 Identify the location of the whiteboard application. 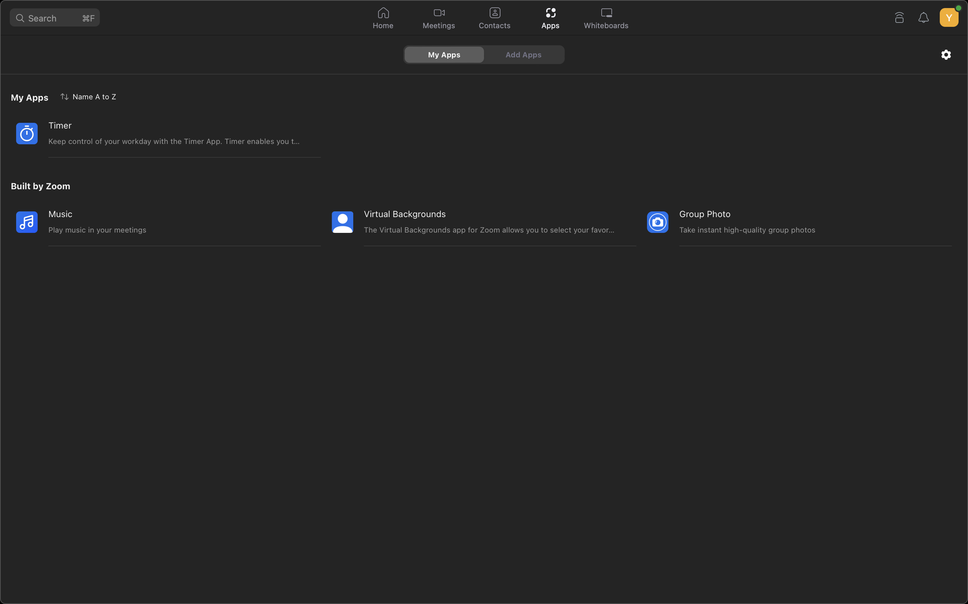
(606, 18).